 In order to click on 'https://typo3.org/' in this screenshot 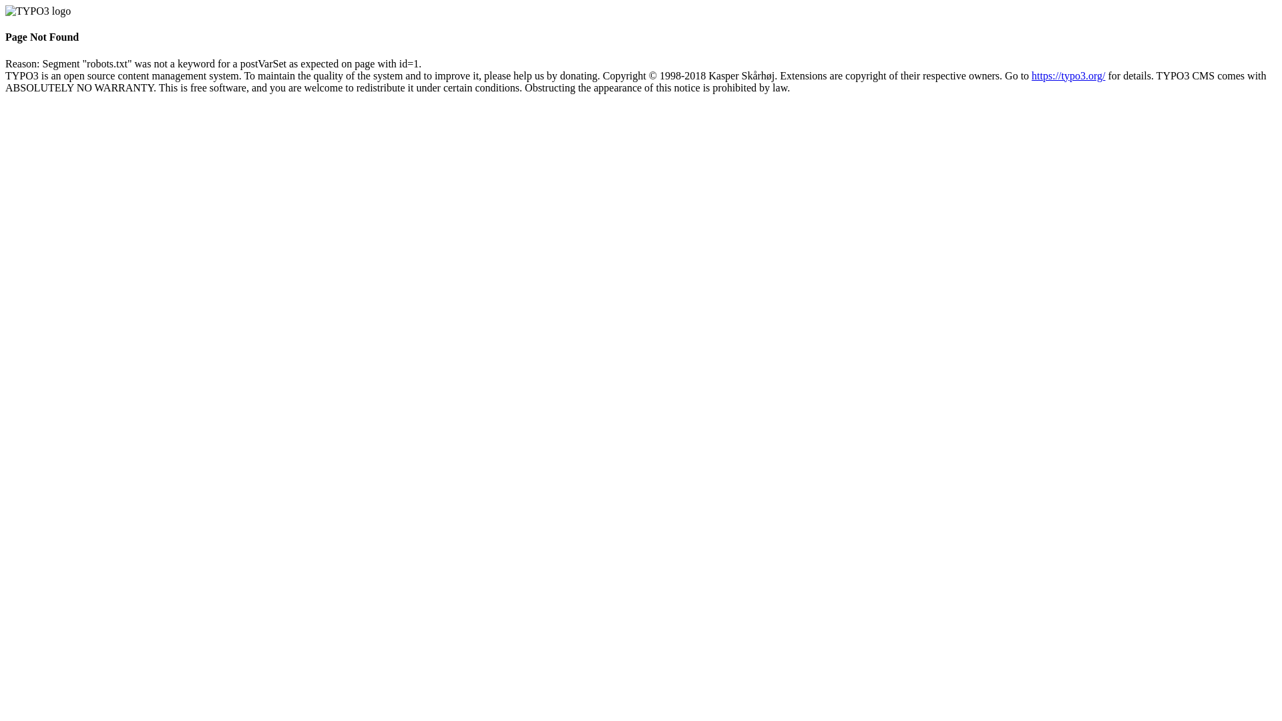, I will do `click(1067, 75)`.